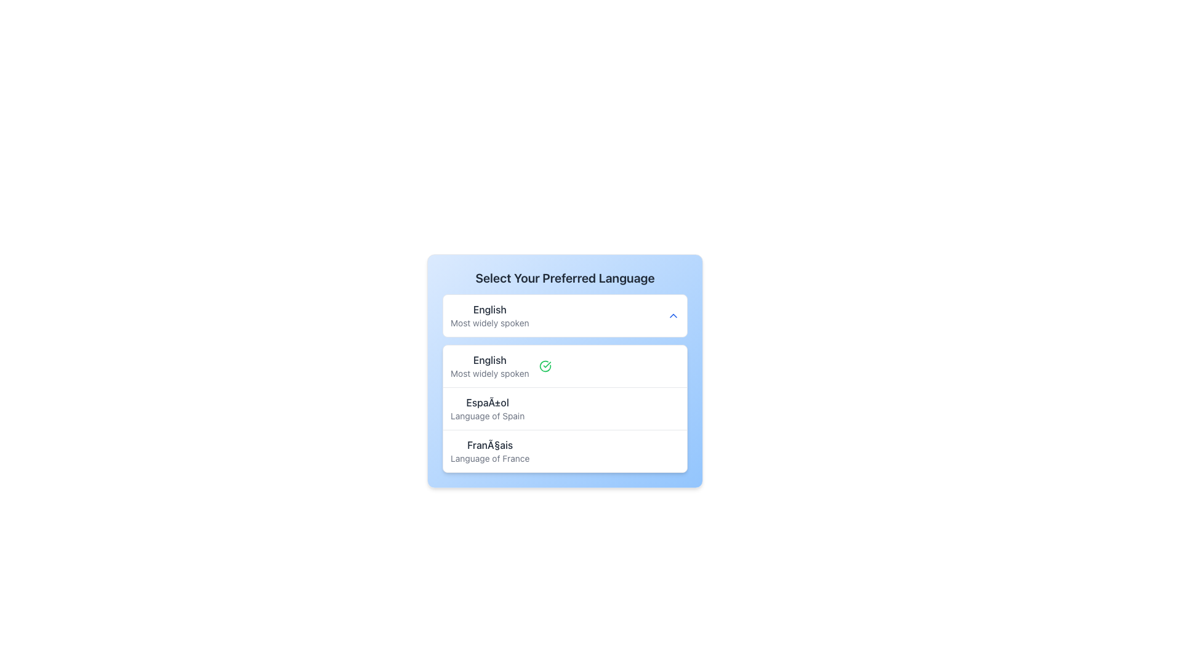  I want to click on the 'French' language selection option in the dropdown menu, so click(564, 451).